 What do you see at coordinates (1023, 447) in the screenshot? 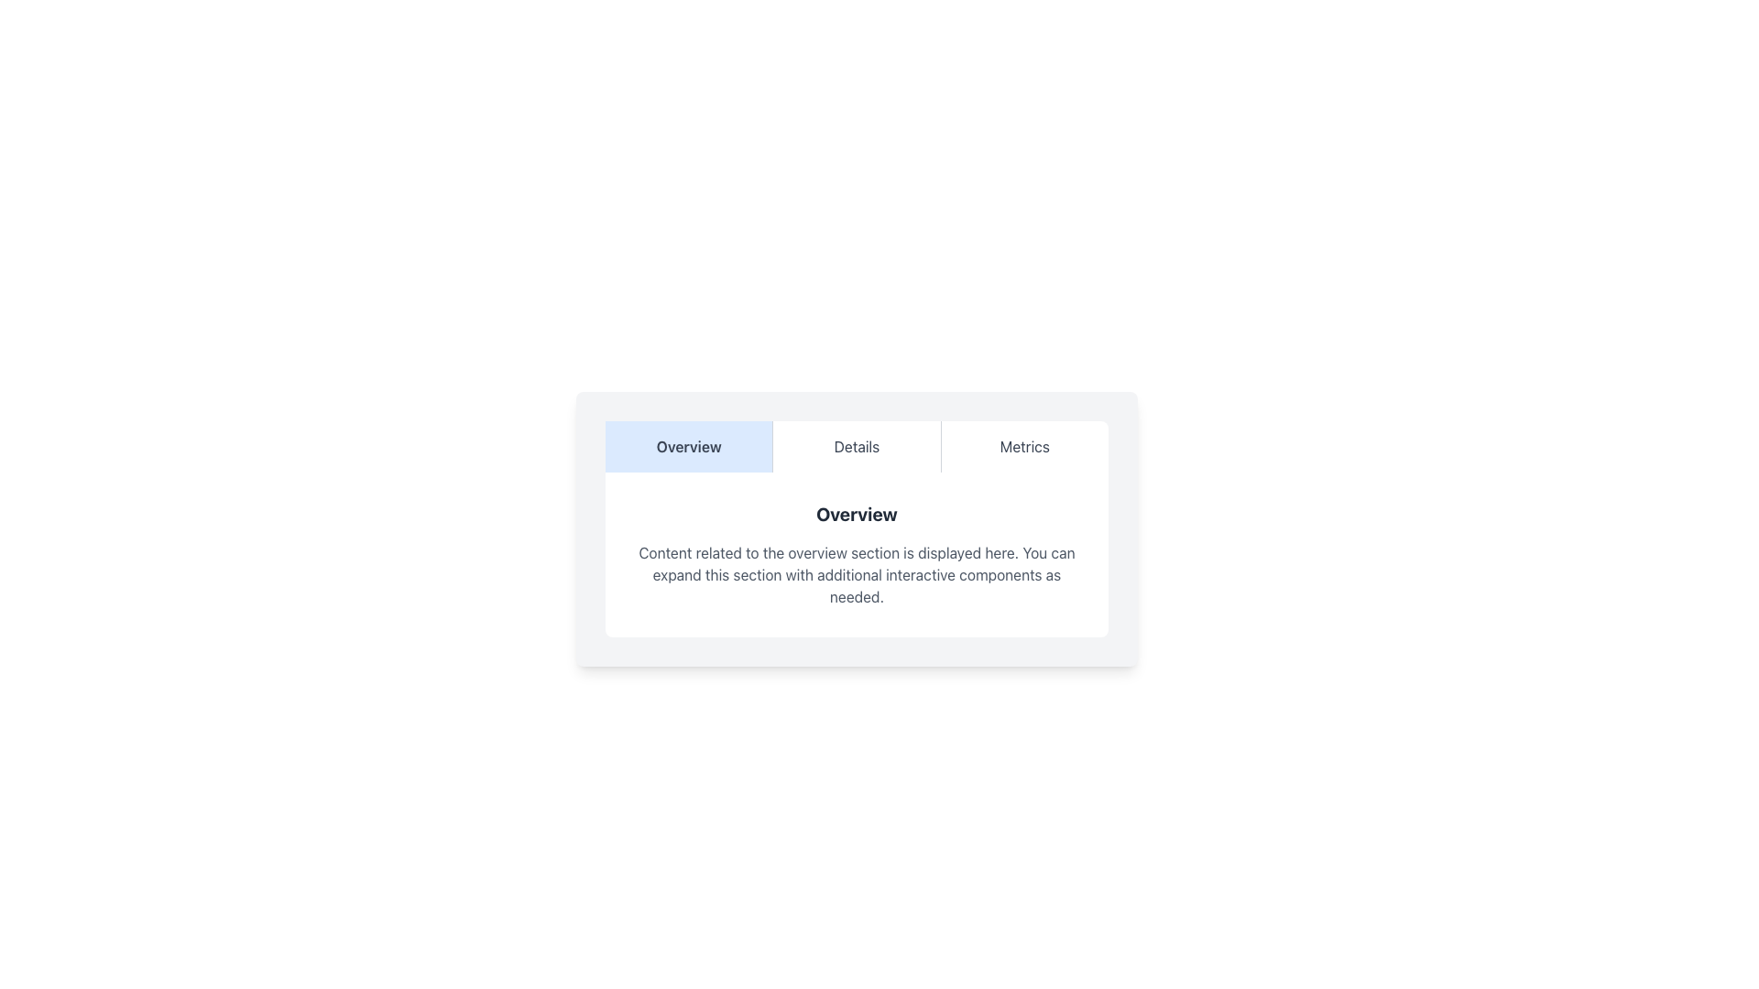
I see `the 'Metrics' tab, which is the third tab in the navigation section at the top center of the page` at bounding box center [1023, 447].